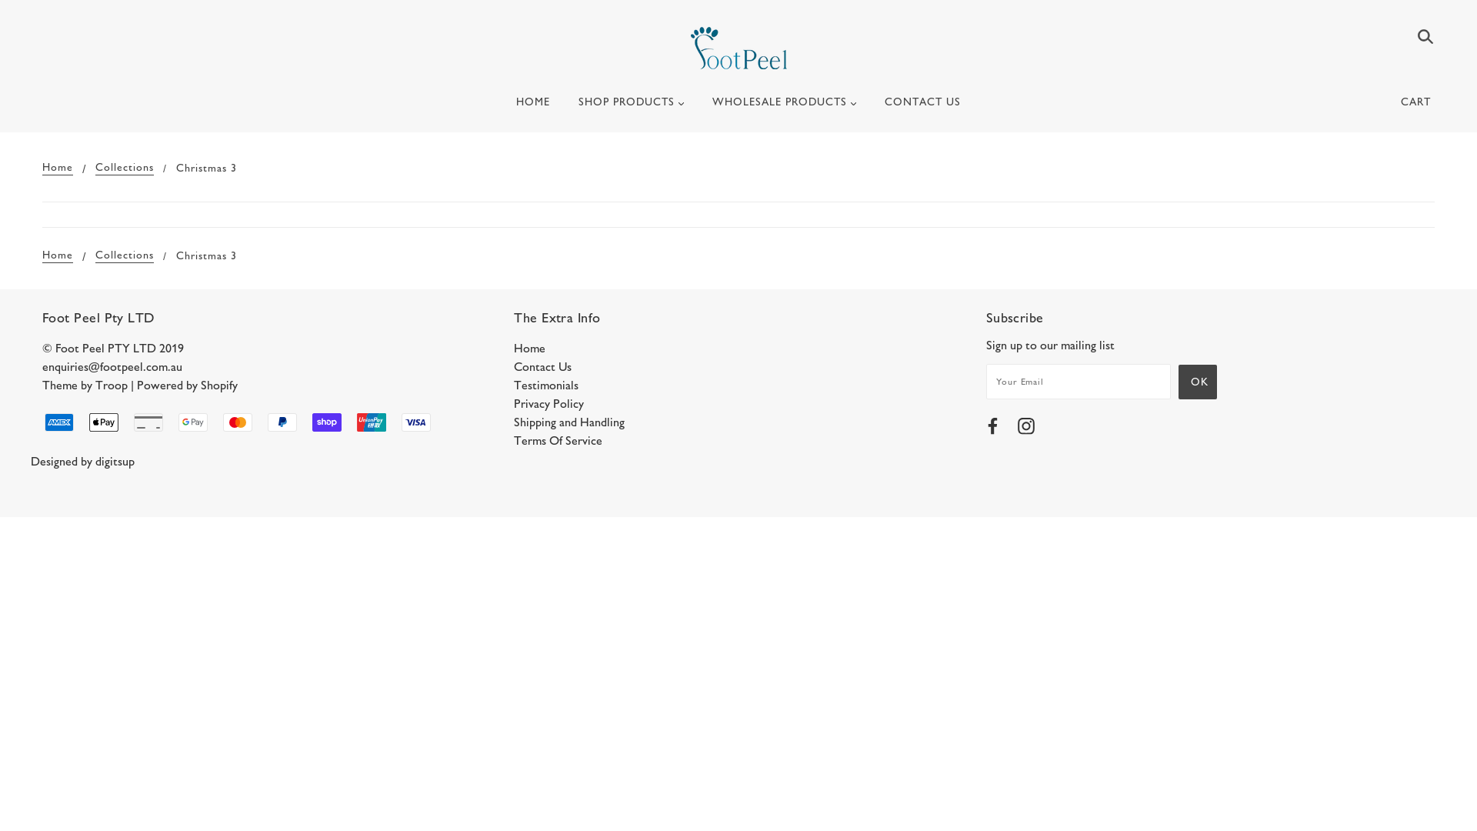  What do you see at coordinates (548, 402) in the screenshot?
I see `'Privacy Policy'` at bounding box center [548, 402].